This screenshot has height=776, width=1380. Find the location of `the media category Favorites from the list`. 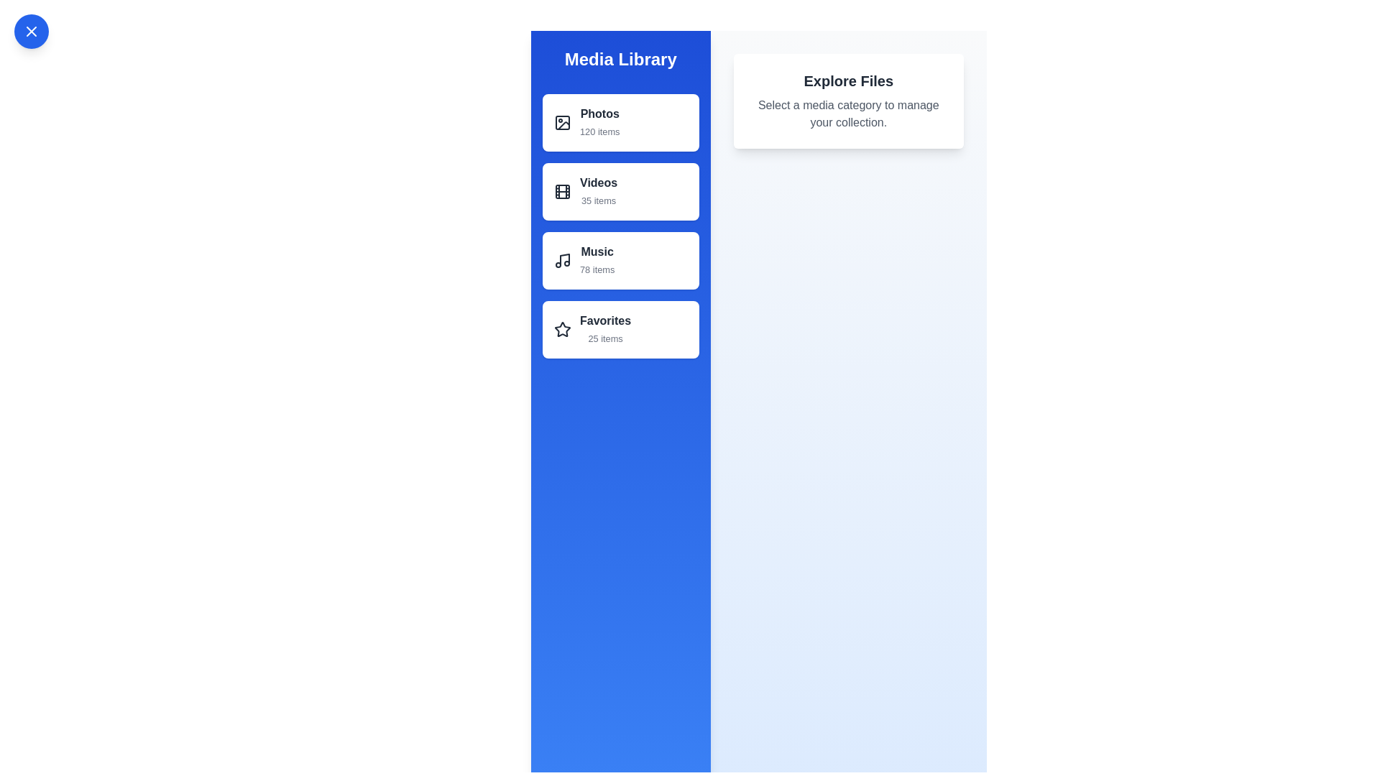

the media category Favorites from the list is located at coordinates (620, 330).